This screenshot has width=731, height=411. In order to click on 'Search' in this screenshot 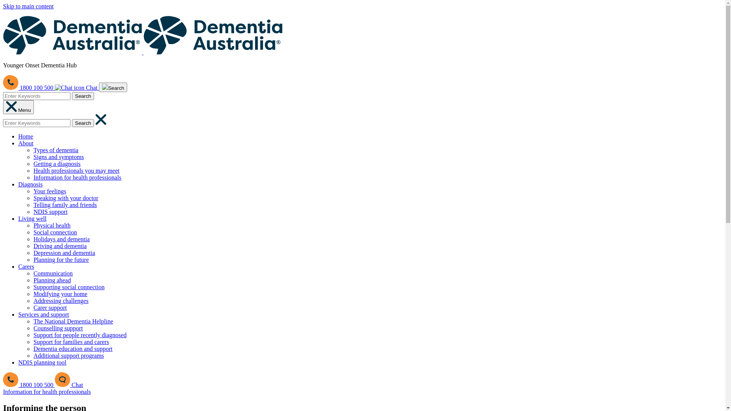, I will do `click(113, 87)`.